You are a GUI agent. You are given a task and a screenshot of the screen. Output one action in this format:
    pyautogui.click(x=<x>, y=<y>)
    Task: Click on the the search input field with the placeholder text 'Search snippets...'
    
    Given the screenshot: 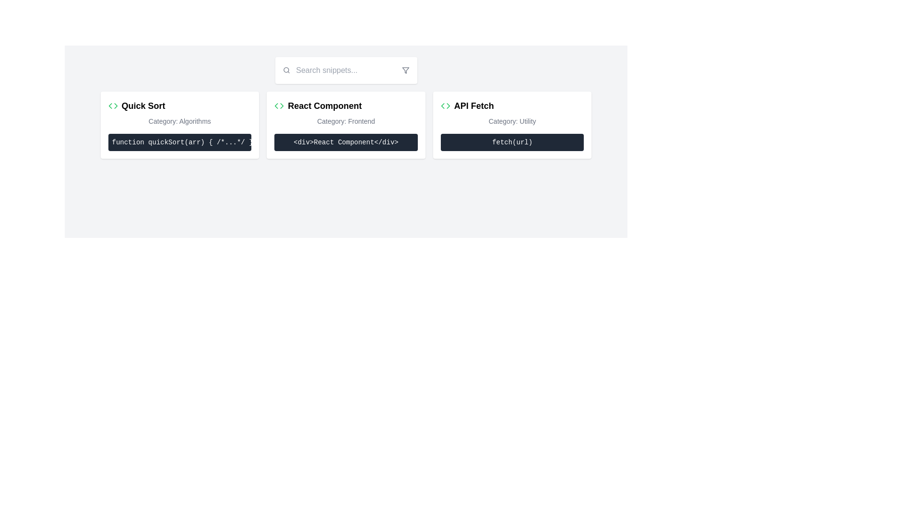 What is the action you would take?
    pyautogui.click(x=345, y=70)
    